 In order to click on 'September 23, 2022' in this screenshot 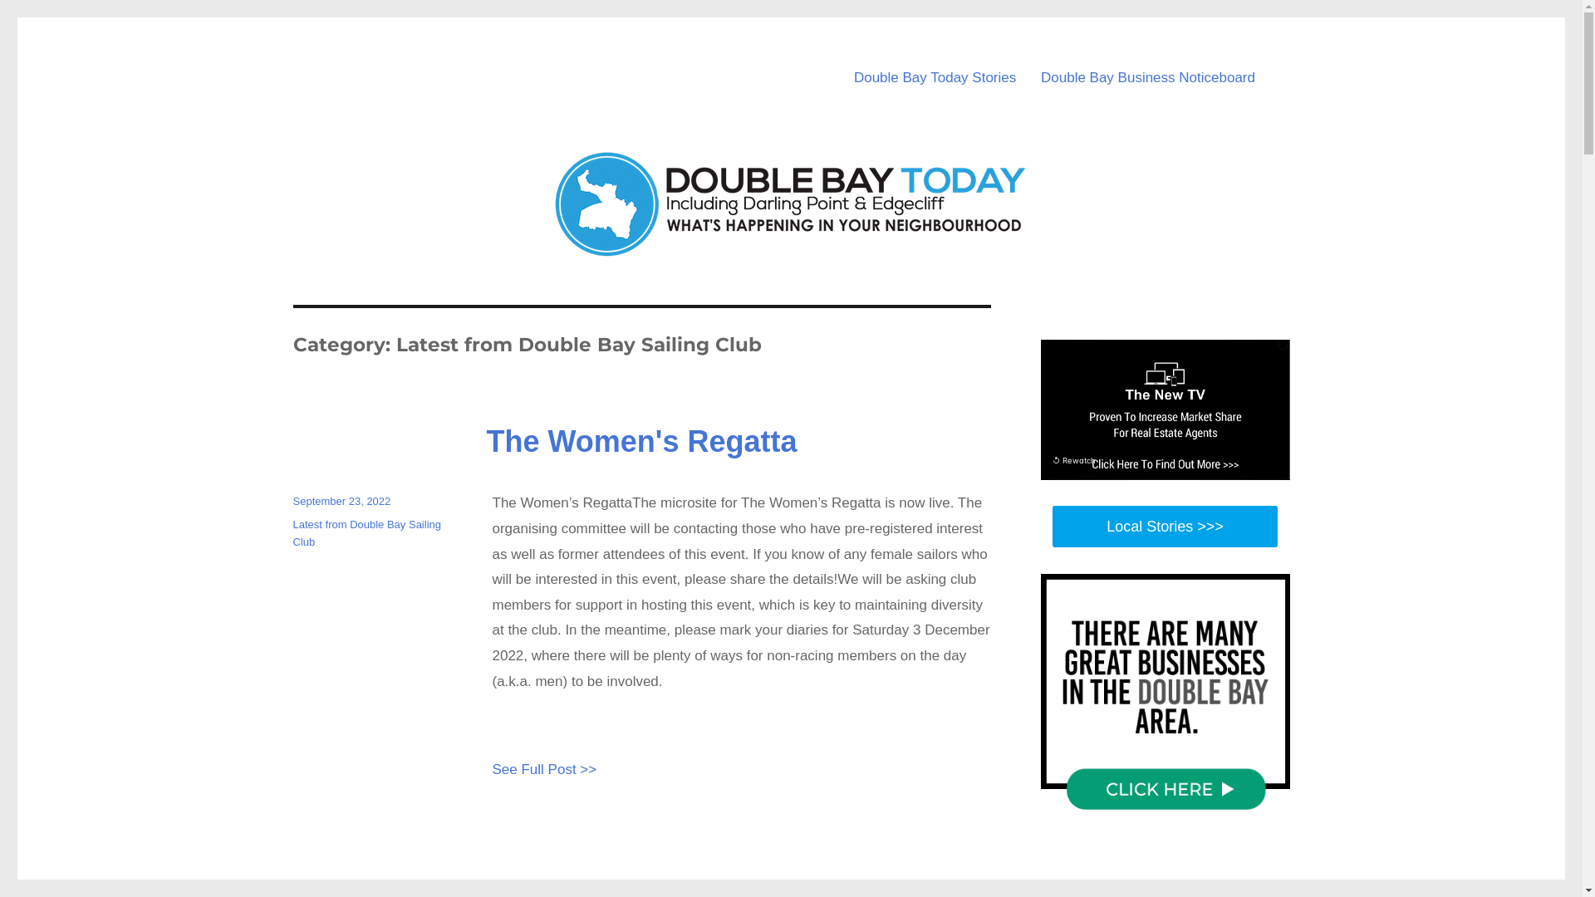, I will do `click(292, 500)`.